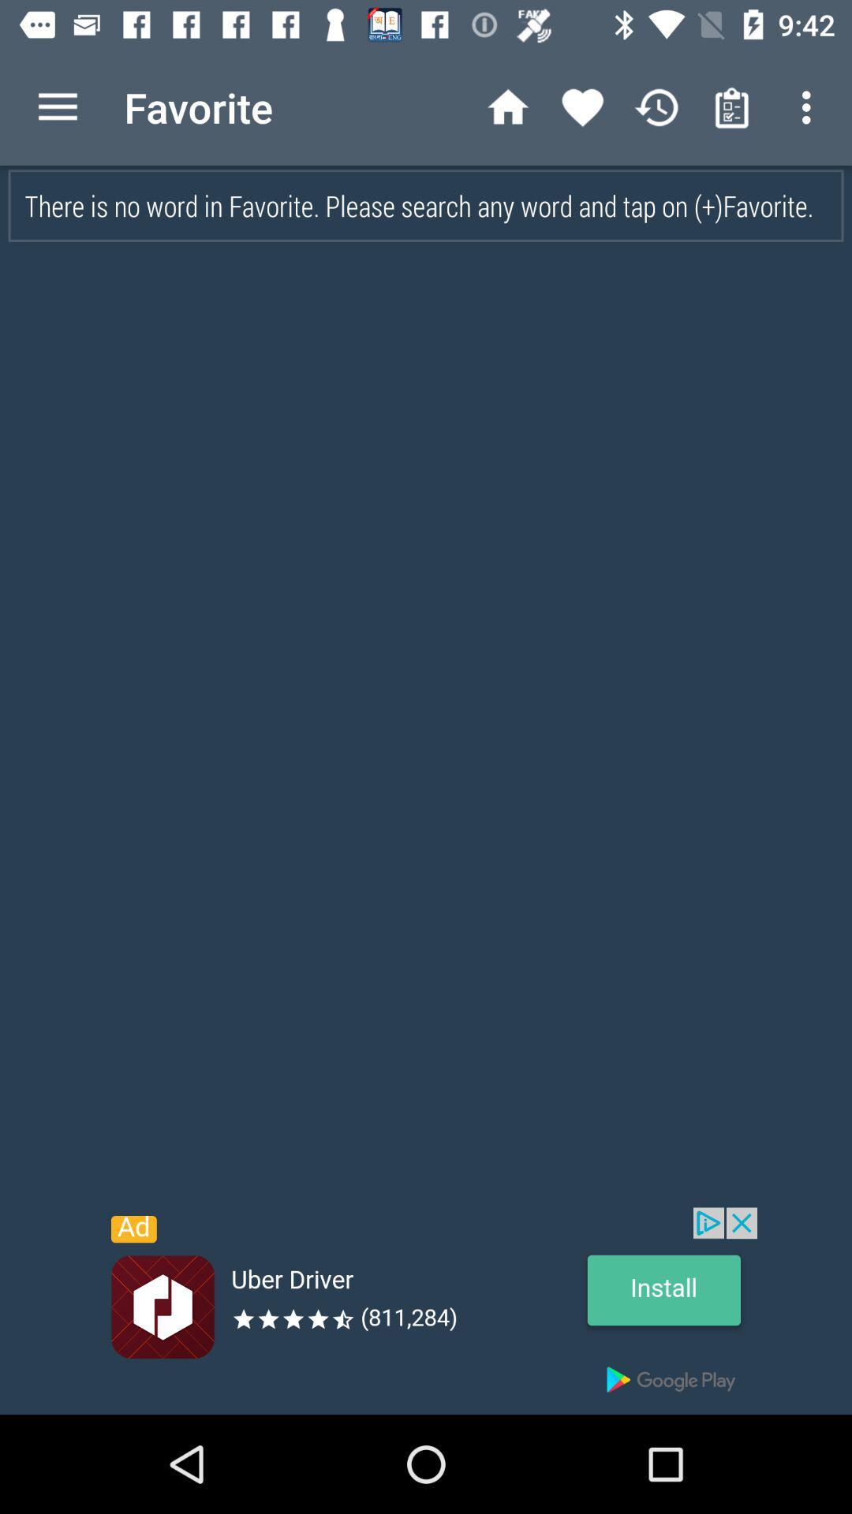 The width and height of the screenshot is (852, 1514). What do you see at coordinates (426, 1311) in the screenshot?
I see `install app` at bounding box center [426, 1311].